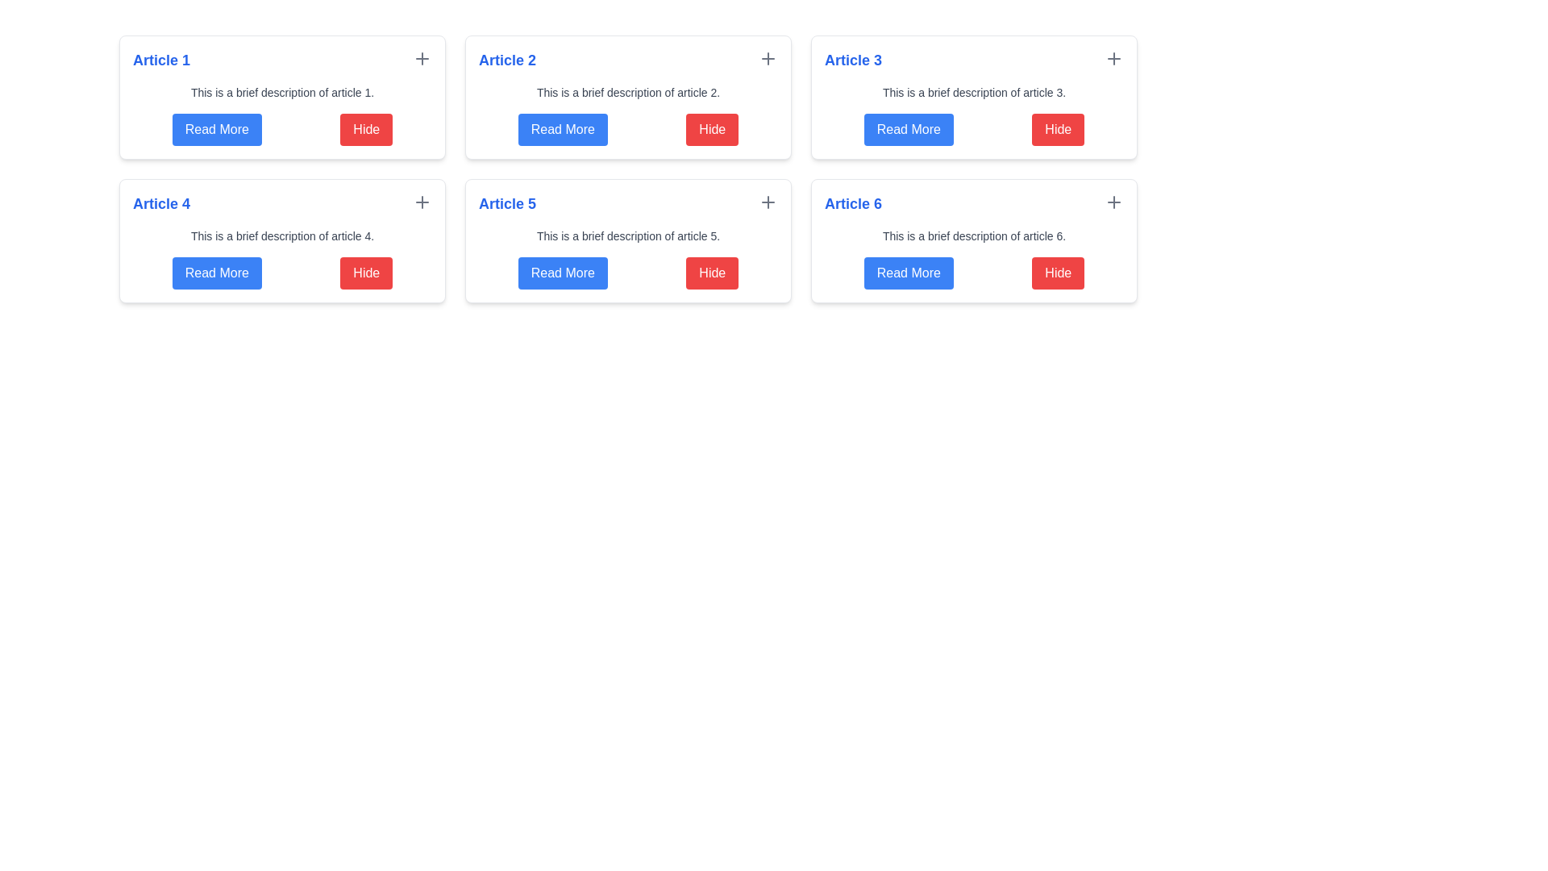 The height and width of the screenshot is (871, 1548). I want to click on the interactive icon button resembling a plus sign located in the top-right corner of the 'Article 1' card to change its color, so click(422, 58).